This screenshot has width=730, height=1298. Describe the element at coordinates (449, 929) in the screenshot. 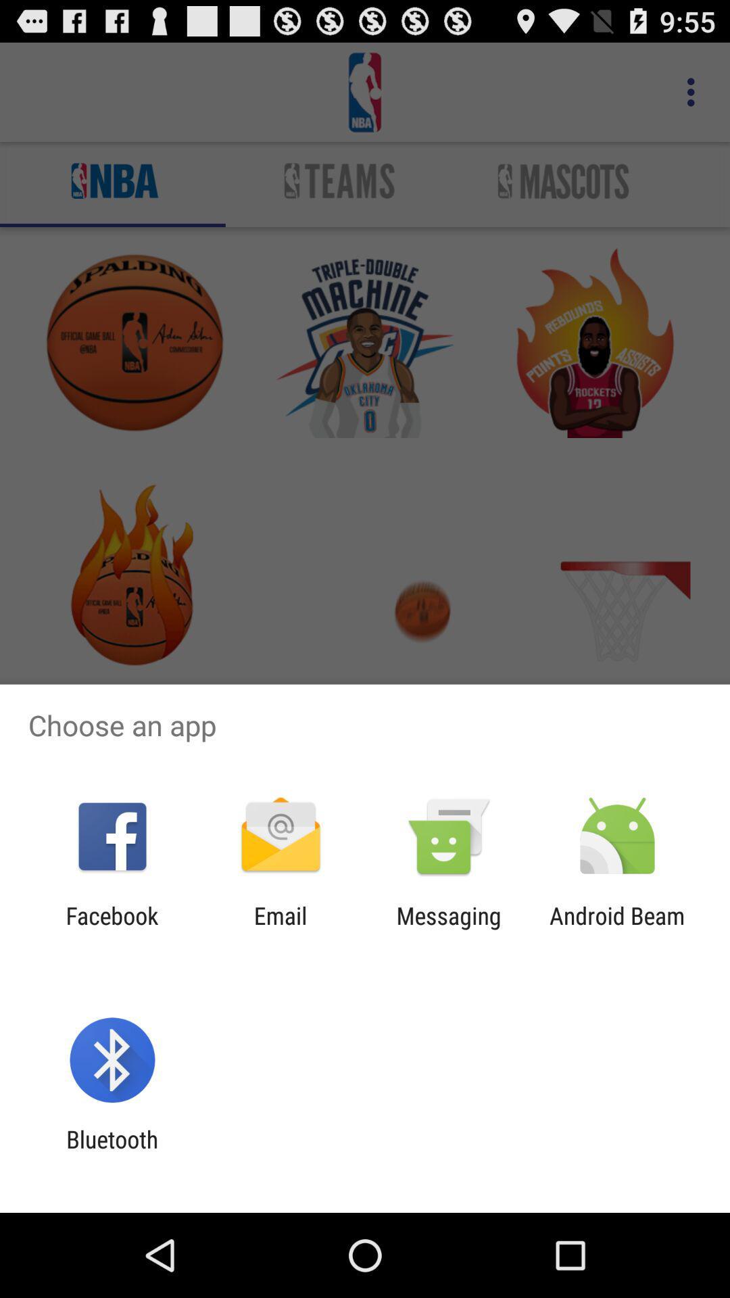

I see `the messaging item` at that location.